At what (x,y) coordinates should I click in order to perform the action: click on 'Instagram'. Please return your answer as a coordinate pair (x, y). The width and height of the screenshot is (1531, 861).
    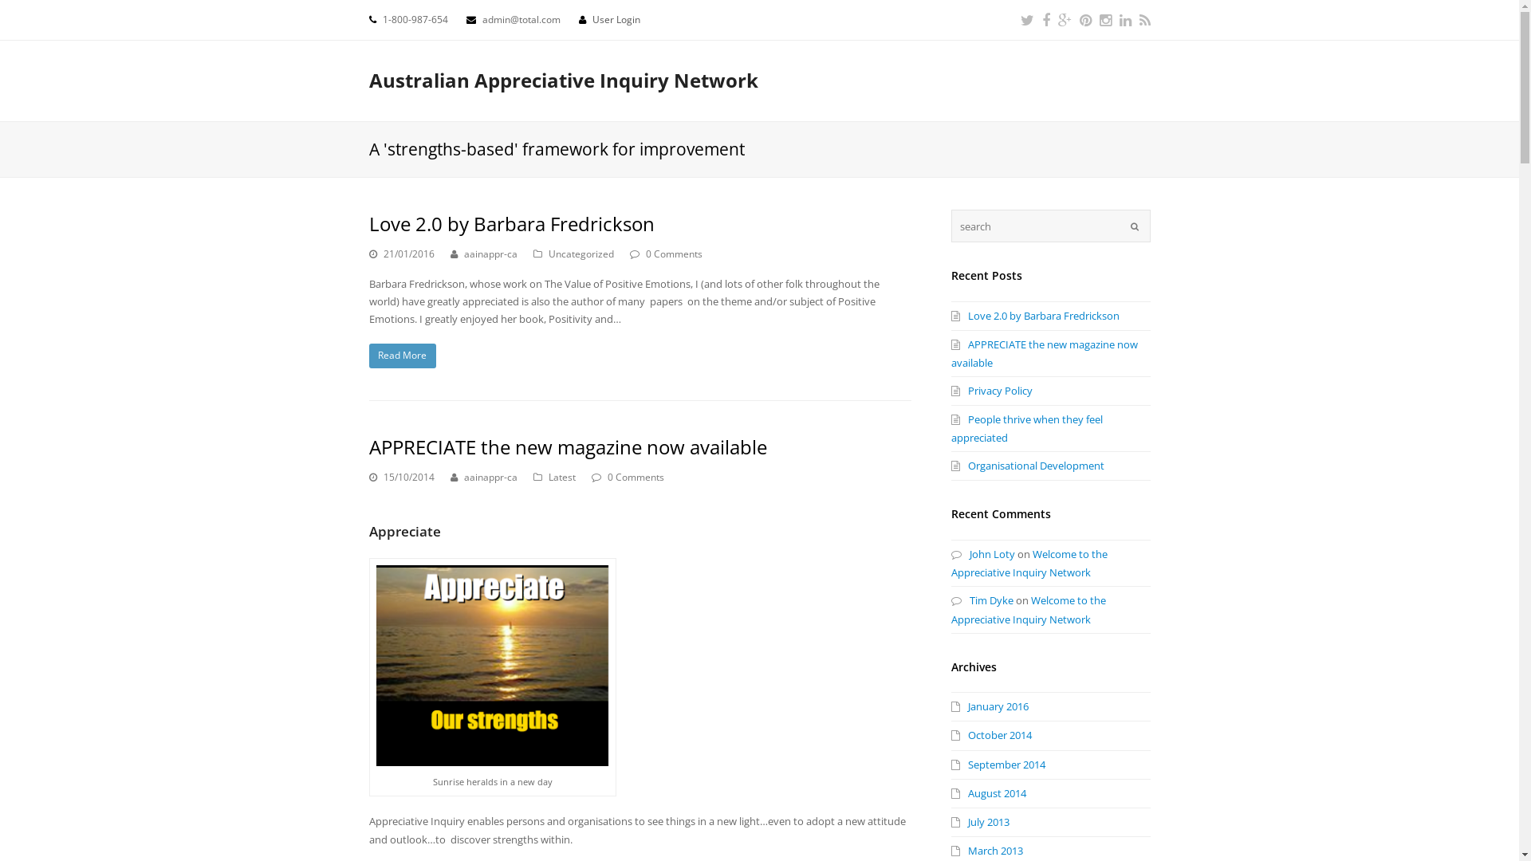
    Looking at the image, I should click on (1104, 19).